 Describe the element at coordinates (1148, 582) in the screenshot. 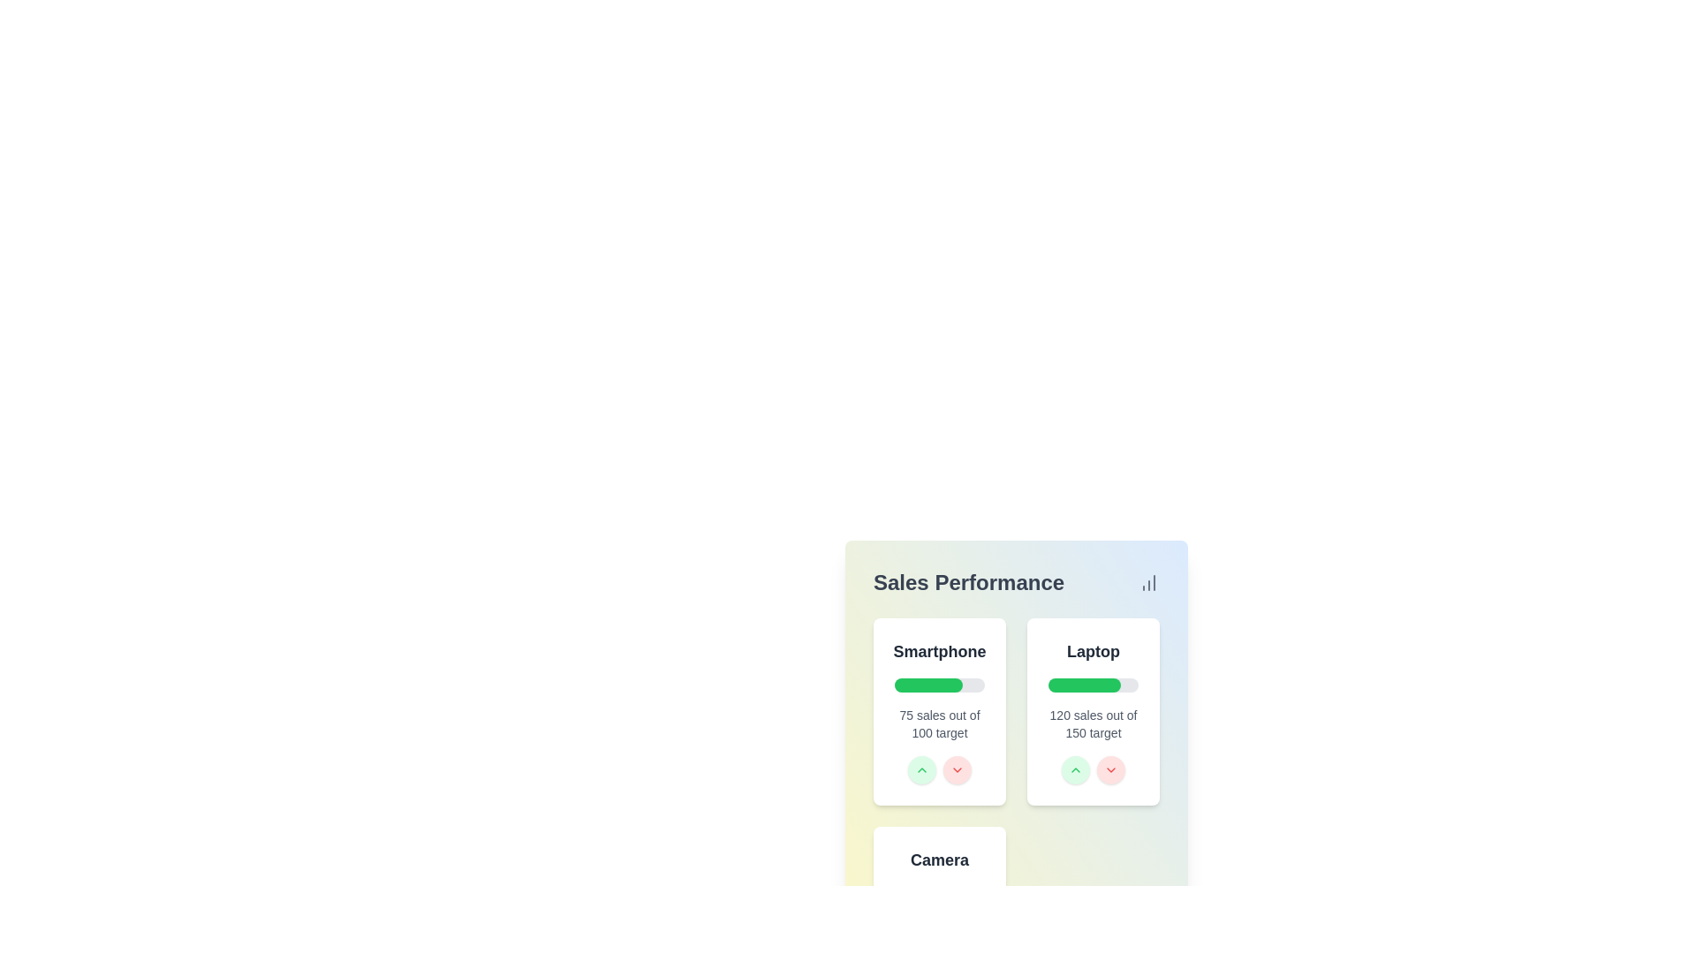

I see `the gray bar chart icon` at that location.